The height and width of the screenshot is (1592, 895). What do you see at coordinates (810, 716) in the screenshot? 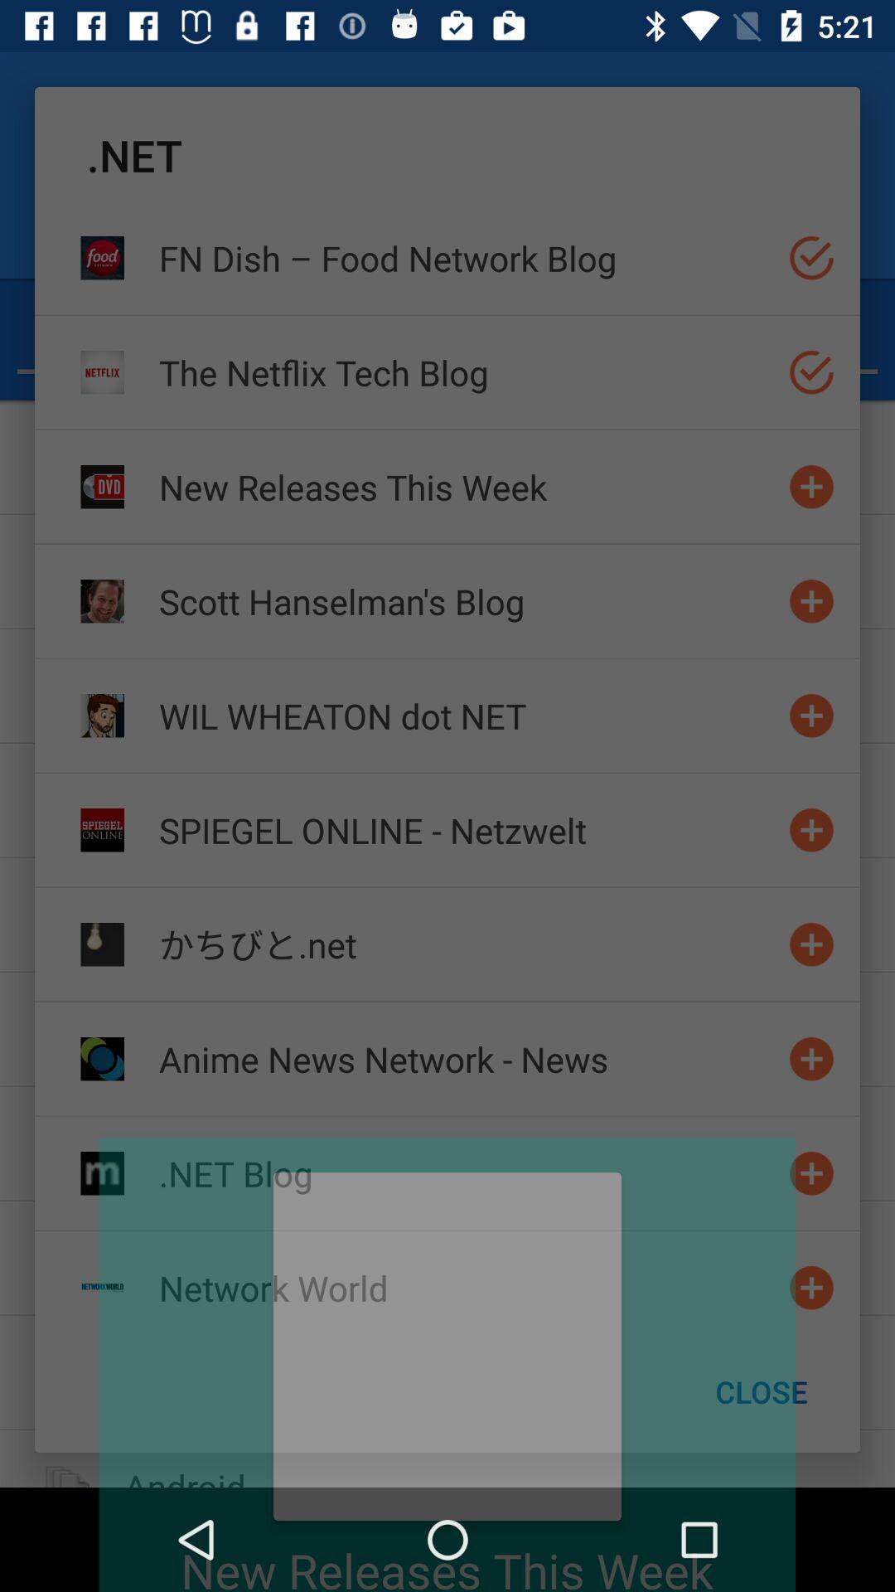
I see `that website` at bounding box center [810, 716].